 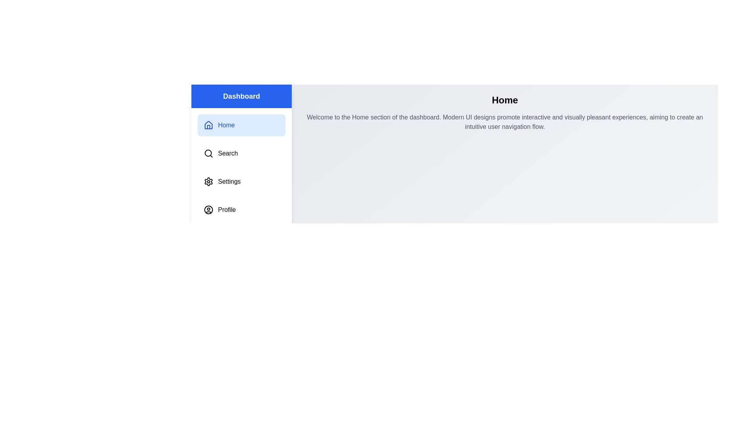 I want to click on the menu item corresponding to Profile, so click(x=241, y=210).